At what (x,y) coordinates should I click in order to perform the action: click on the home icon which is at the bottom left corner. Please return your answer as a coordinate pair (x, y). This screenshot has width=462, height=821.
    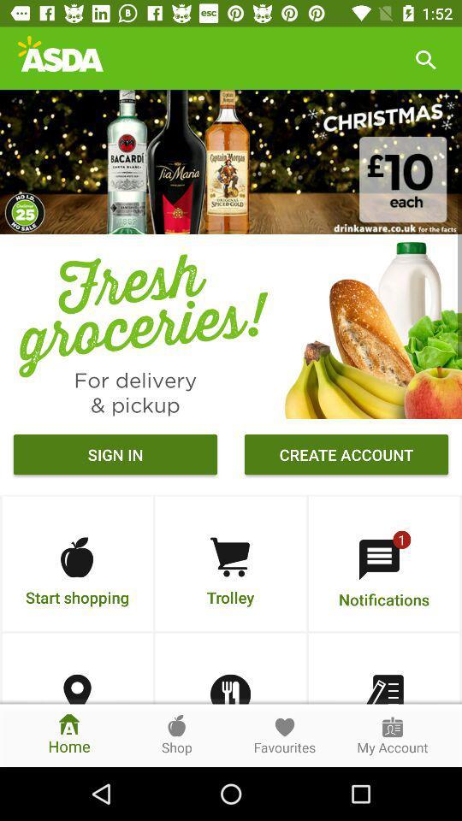
    Looking at the image, I should click on (68, 735).